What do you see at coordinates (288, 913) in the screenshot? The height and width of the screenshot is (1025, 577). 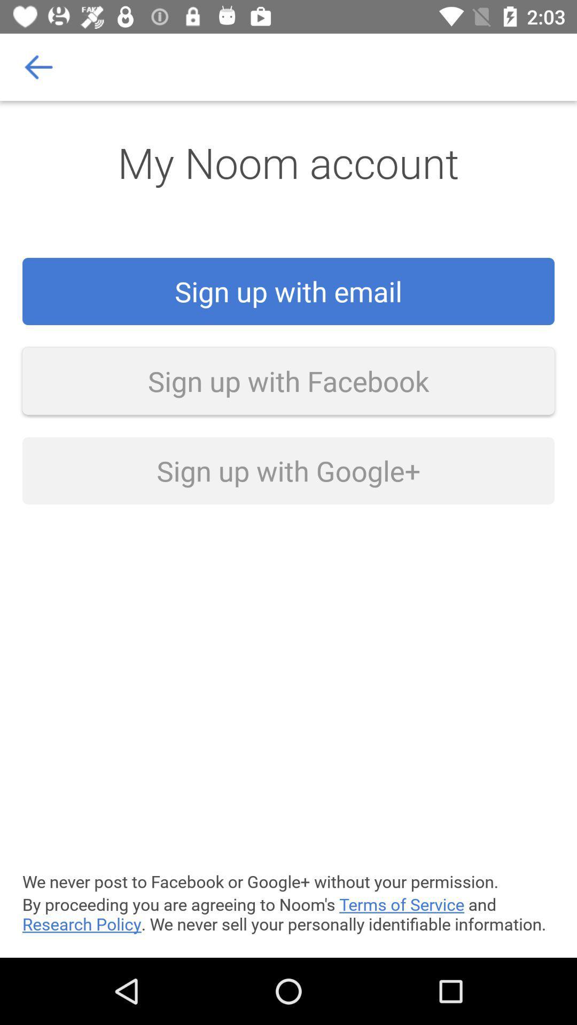 I see `item below the we never post icon` at bounding box center [288, 913].